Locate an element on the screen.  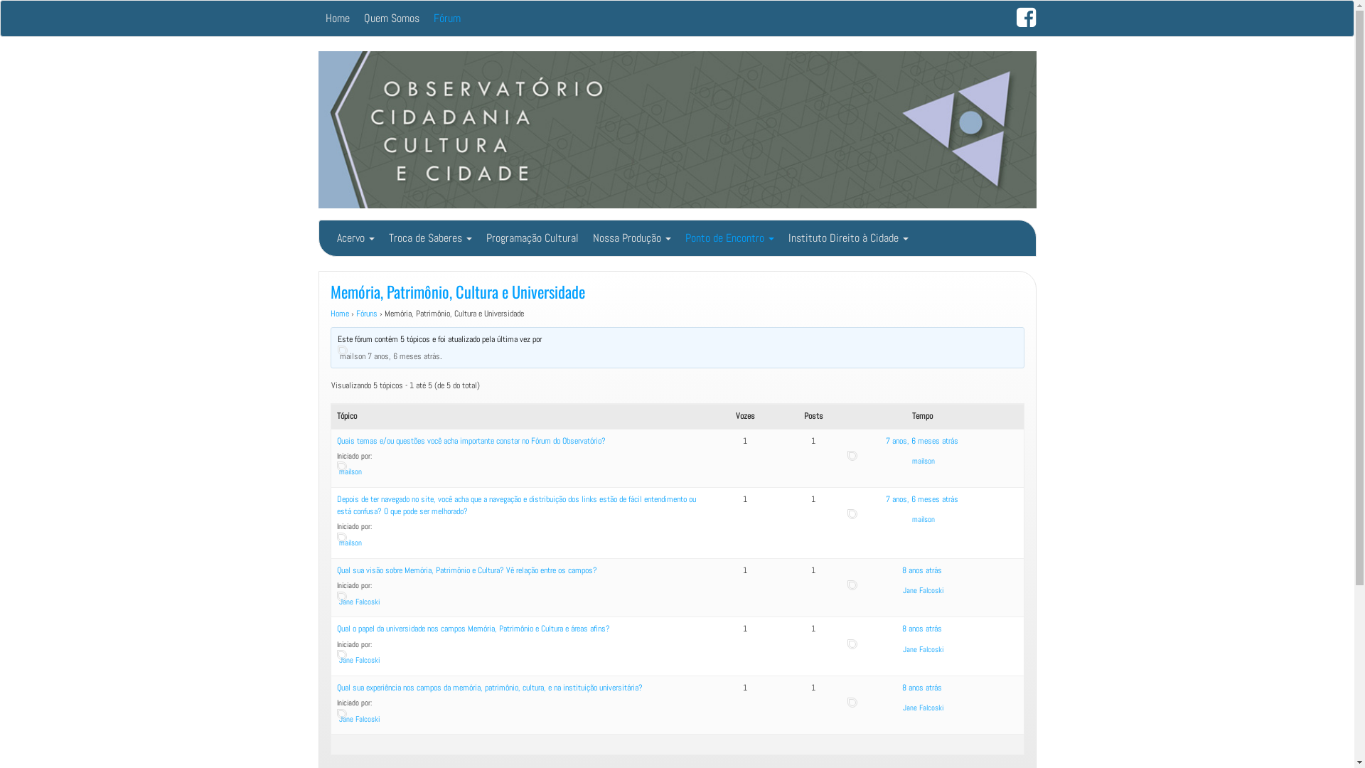
'Quem Somos' is located at coordinates (392, 18).